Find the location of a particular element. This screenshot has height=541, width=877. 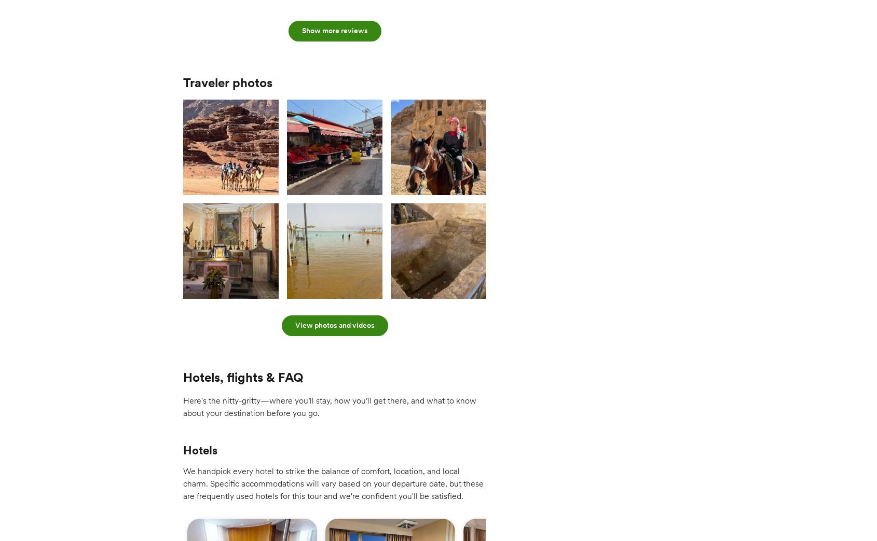

'Visit the Oriental Bazaar' is located at coordinates (190, 520).